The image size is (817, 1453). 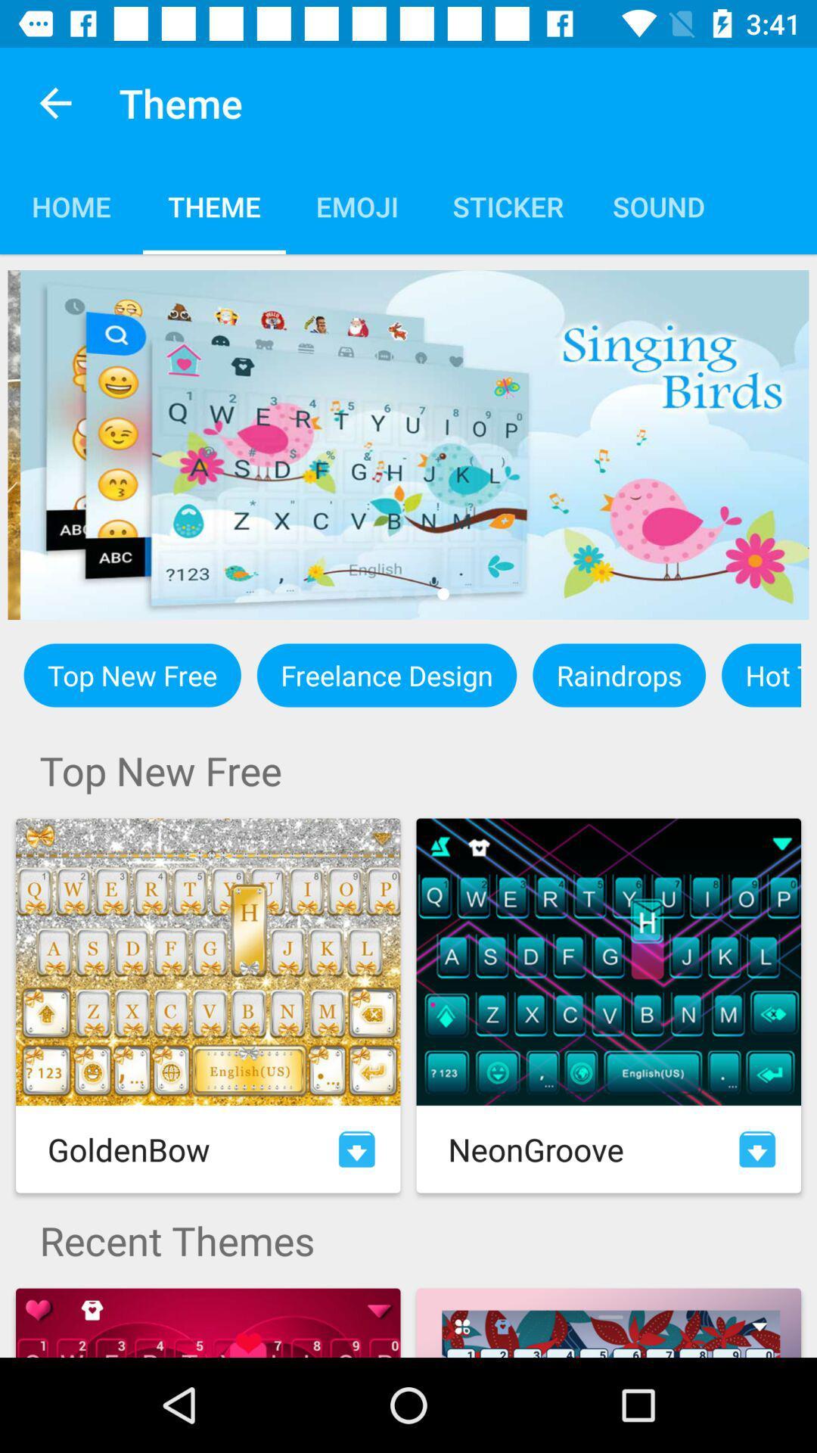 What do you see at coordinates (54, 102) in the screenshot?
I see `app to the left of theme icon` at bounding box center [54, 102].